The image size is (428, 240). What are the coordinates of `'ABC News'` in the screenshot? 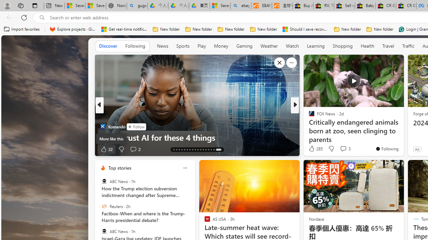 It's located at (104, 231).